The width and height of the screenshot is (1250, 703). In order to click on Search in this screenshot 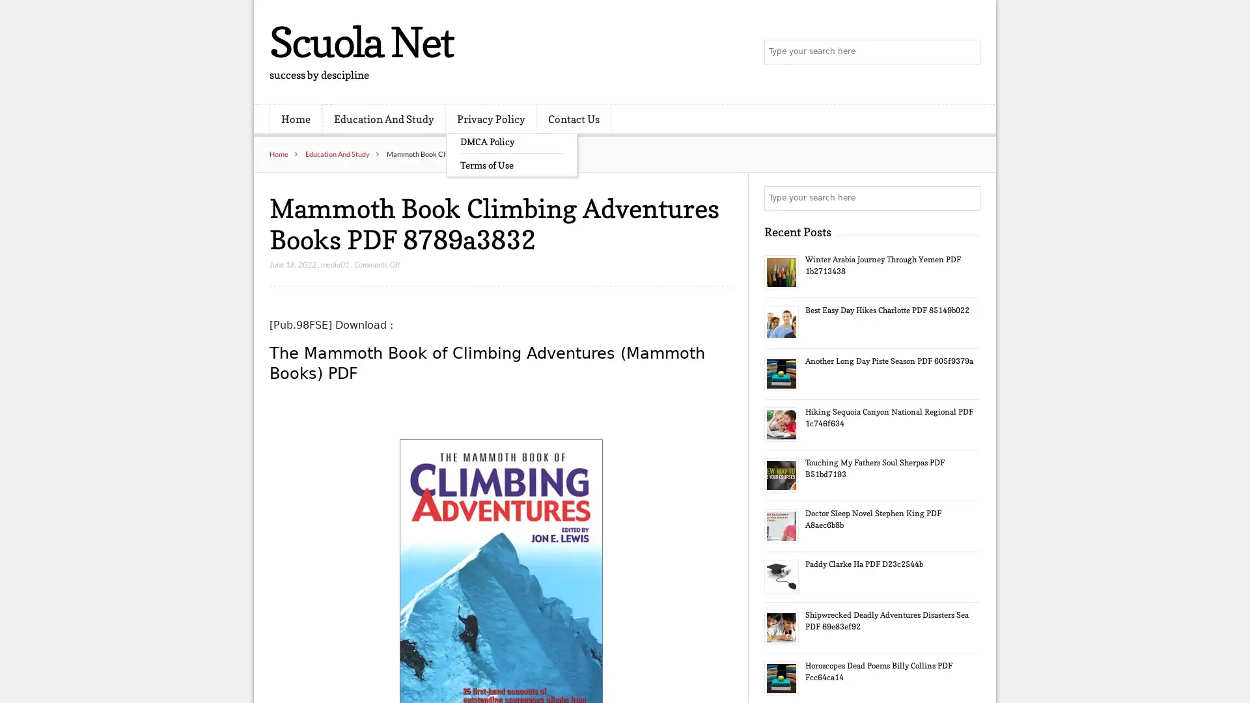, I will do `click(967, 52)`.